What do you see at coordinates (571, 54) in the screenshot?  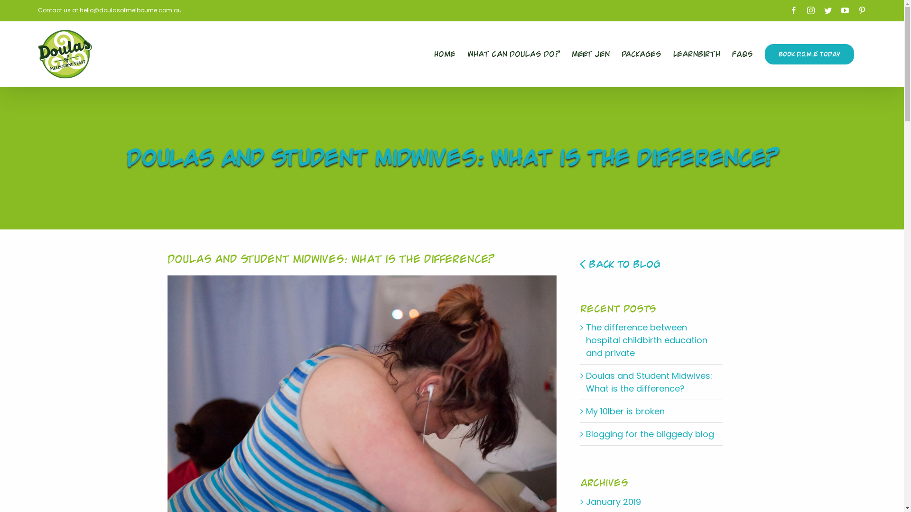 I see `'Meet Jen'` at bounding box center [571, 54].